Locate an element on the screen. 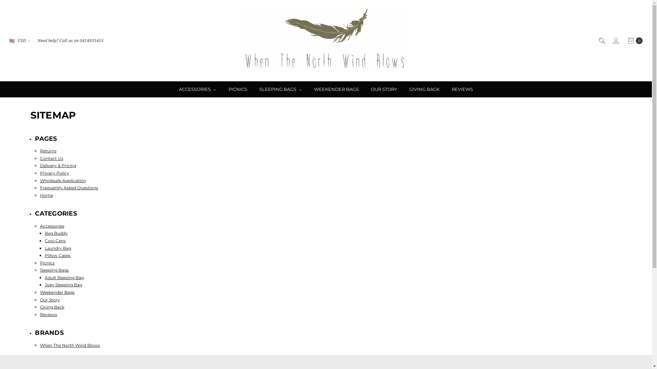  '0' is located at coordinates (634, 41).